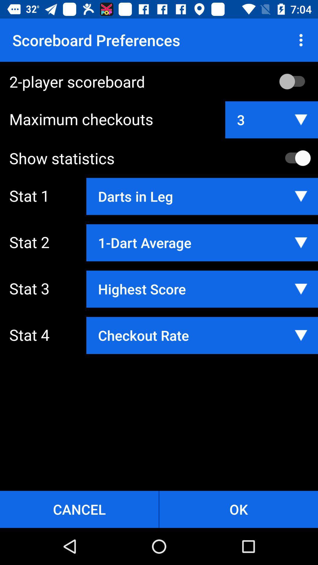 Image resolution: width=318 pixels, height=565 pixels. I want to click on app next to stat 2 app, so click(202, 243).